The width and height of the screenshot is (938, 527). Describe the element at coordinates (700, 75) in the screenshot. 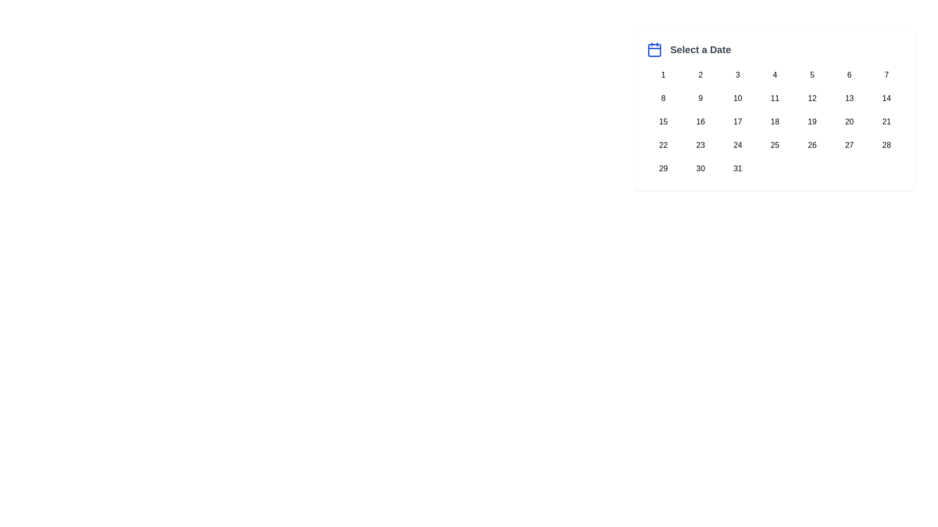

I see `the clickable button for selecting the second day in the calendar, which is located in the first row and second column of the grid titled 'Select a Date'` at that location.